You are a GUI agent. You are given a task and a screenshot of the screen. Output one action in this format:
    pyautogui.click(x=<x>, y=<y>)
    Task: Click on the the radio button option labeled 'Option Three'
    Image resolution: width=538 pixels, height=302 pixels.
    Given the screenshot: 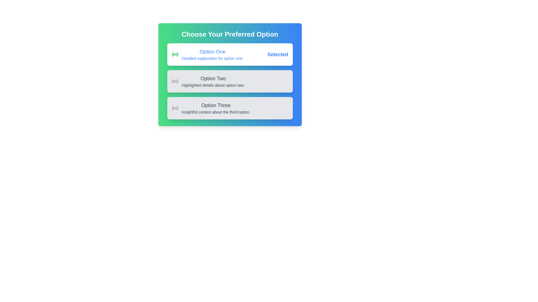 What is the action you would take?
    pyautogui.click(x=210, y=108)
    